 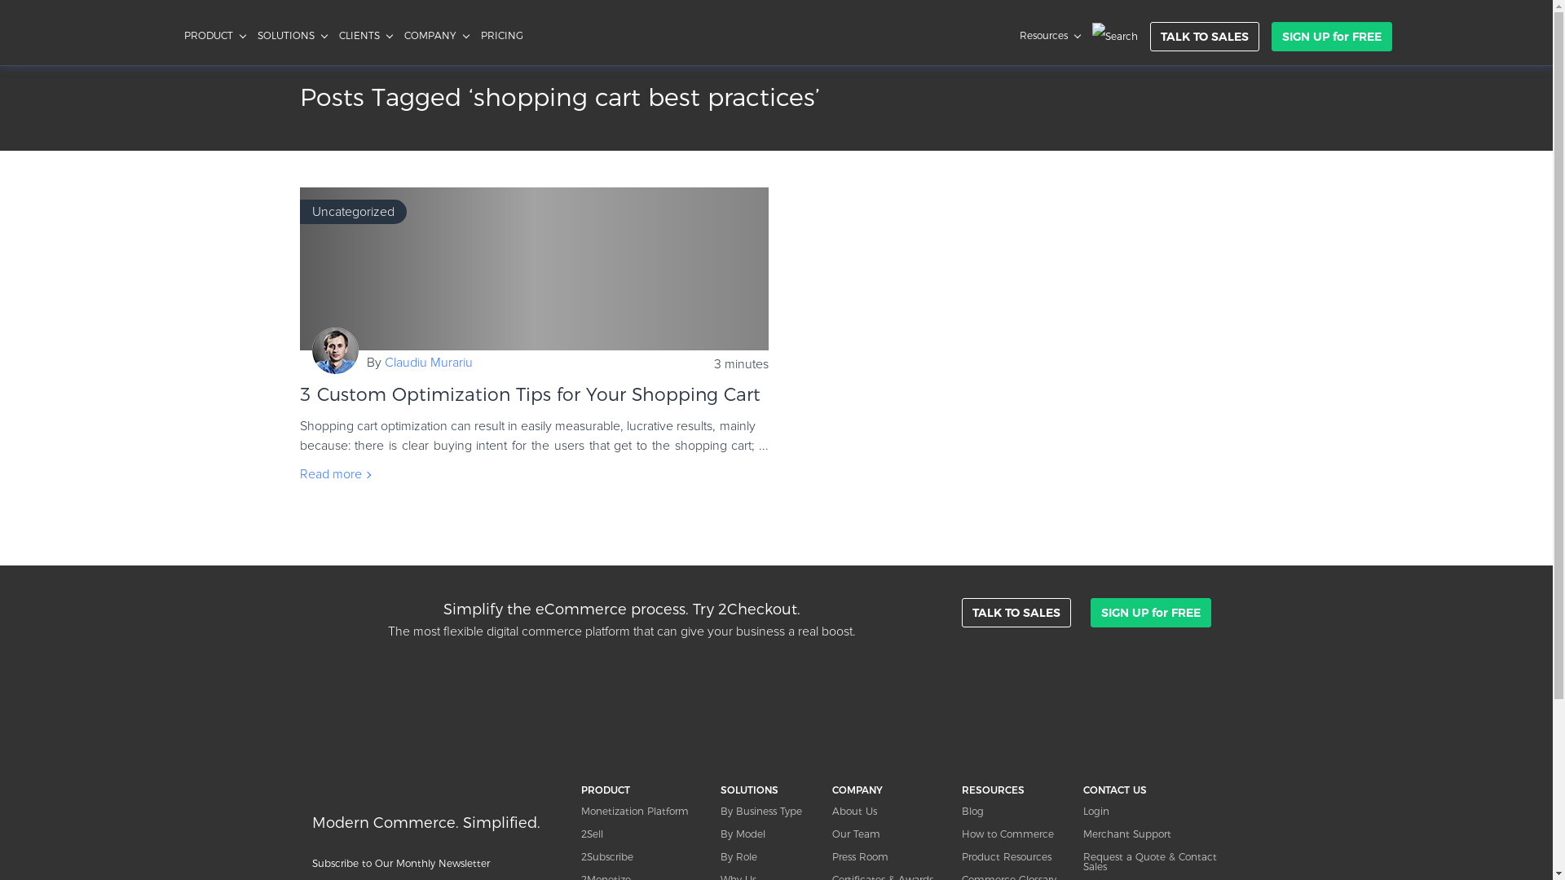 What do you see at coordinates (765, 856) in the screenshot?
I see `'By Role'` at bounding box center [765, 856].